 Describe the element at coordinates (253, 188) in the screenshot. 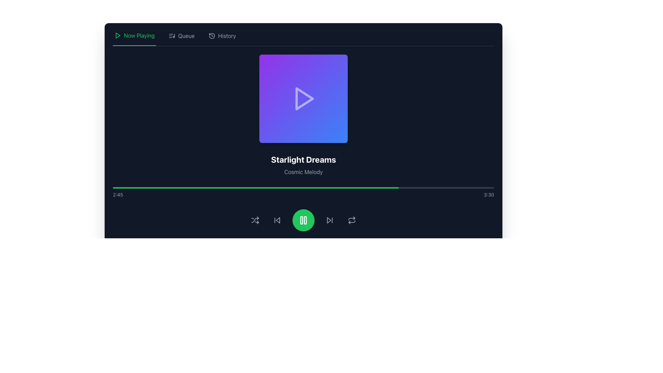

I see `the progress bar` at that location.